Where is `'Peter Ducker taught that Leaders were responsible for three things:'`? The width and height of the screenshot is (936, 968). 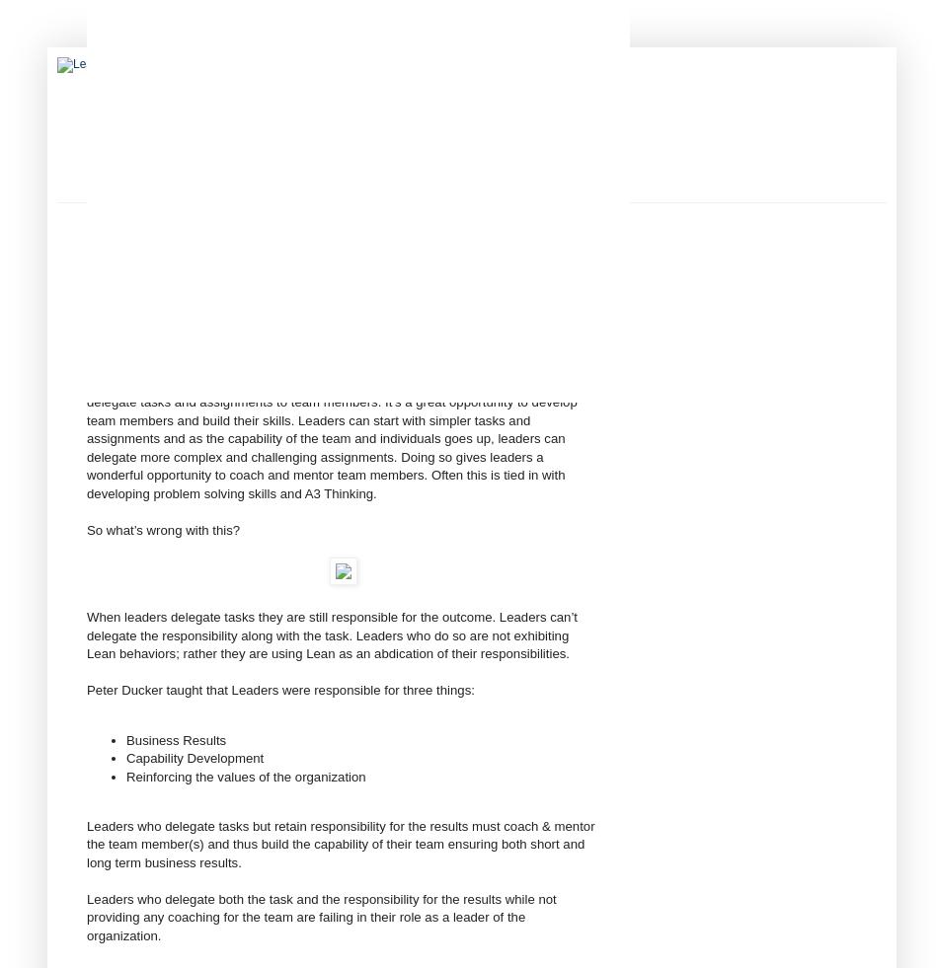 'Peter Ducker taught that Leaders were responsible for three things:' is located at coordinates (280, 690).